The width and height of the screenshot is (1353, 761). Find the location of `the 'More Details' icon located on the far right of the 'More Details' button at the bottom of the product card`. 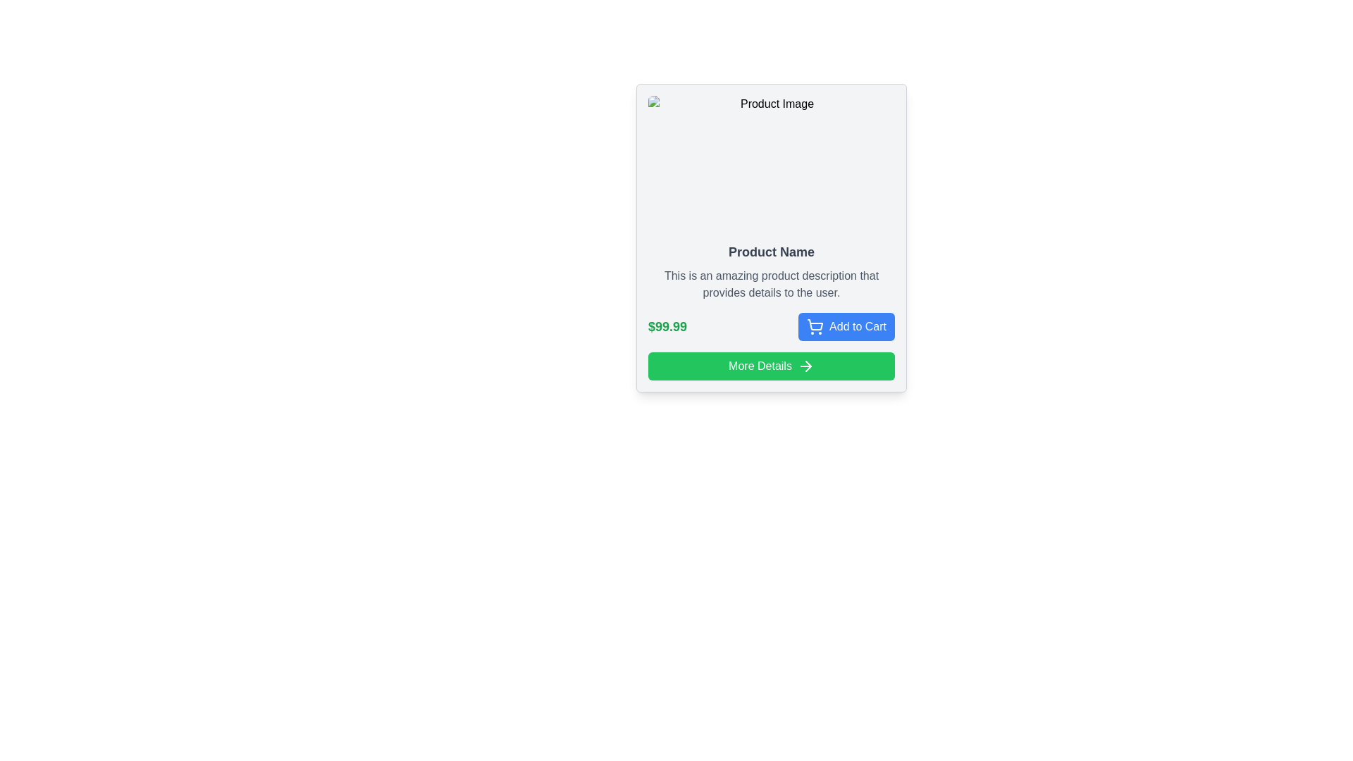

the 'More Details' icon located on the far right of the 'More Details' button at the bottom of the product card is located at coordinates (805, 366).